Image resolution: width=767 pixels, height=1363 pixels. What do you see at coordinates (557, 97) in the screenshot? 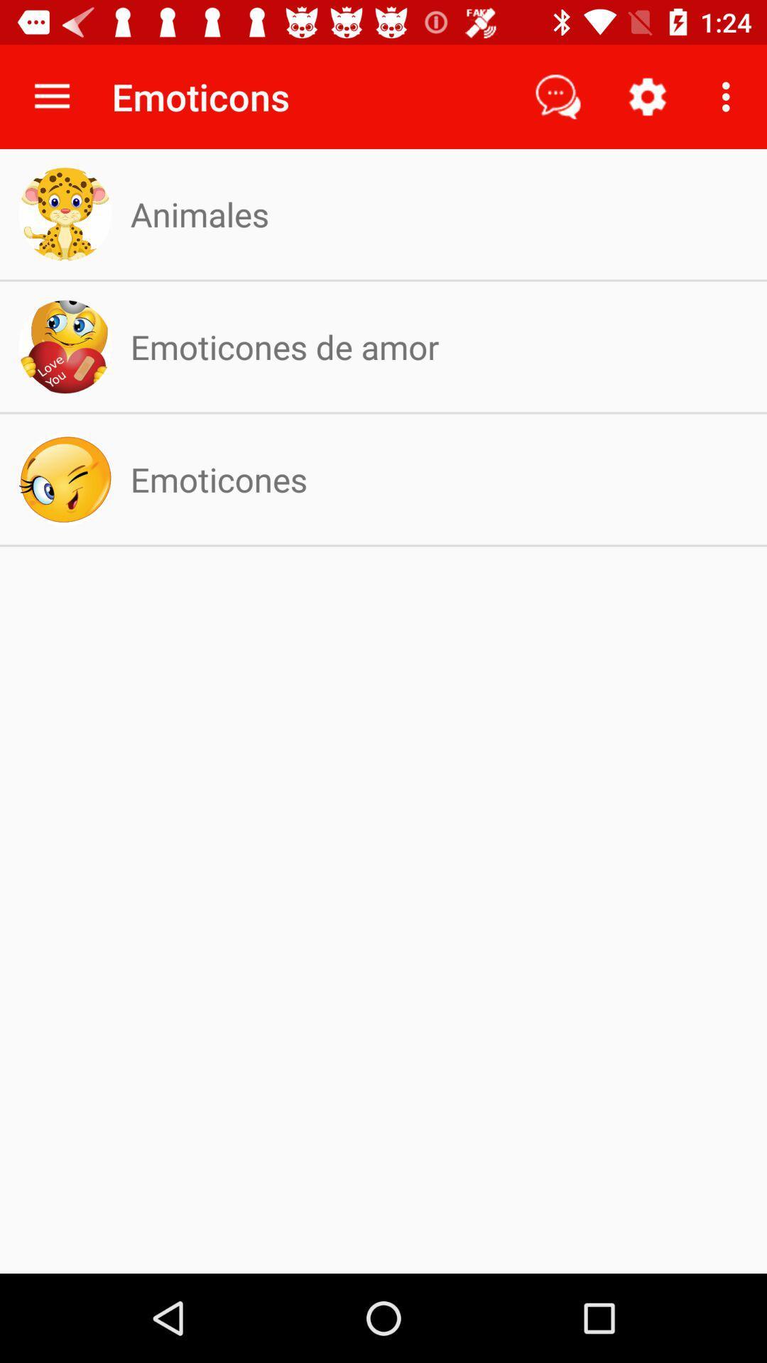
I see `chat icon left to settings icon` at bounding box center [557, 97].